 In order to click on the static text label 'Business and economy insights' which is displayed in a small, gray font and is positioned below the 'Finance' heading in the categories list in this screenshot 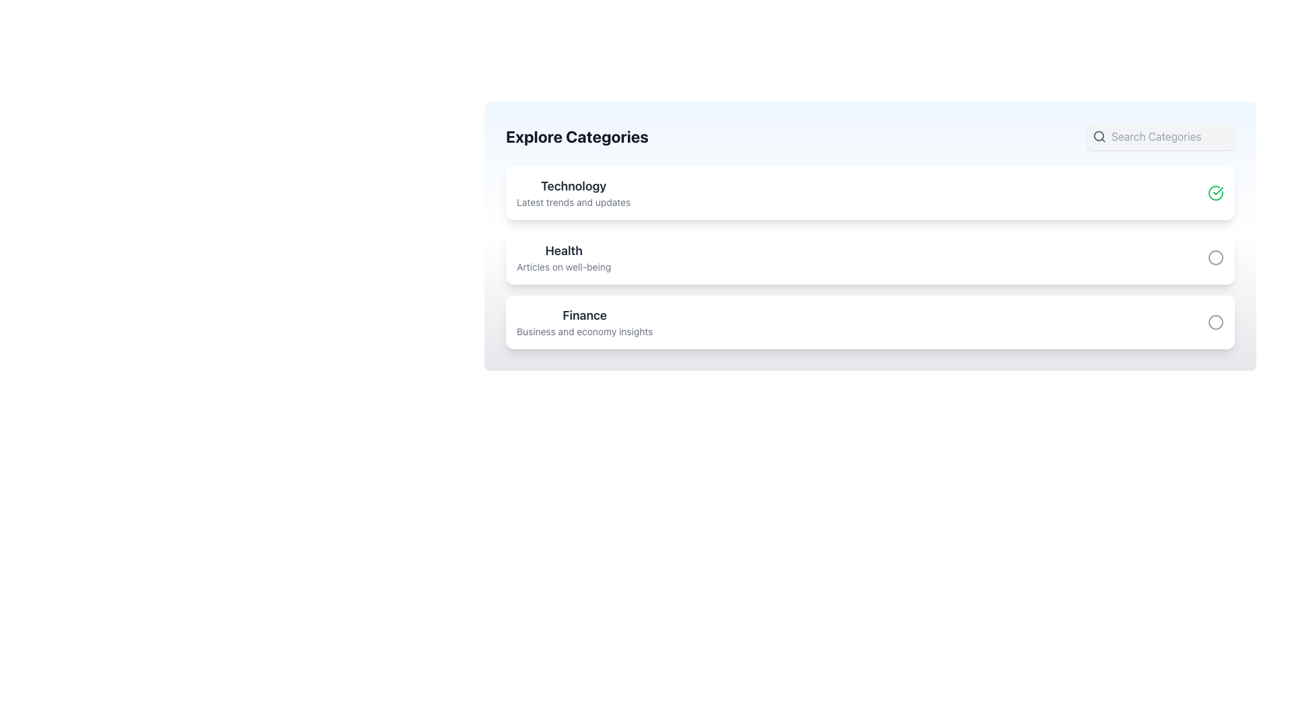, I will do `click(585, 332)`.